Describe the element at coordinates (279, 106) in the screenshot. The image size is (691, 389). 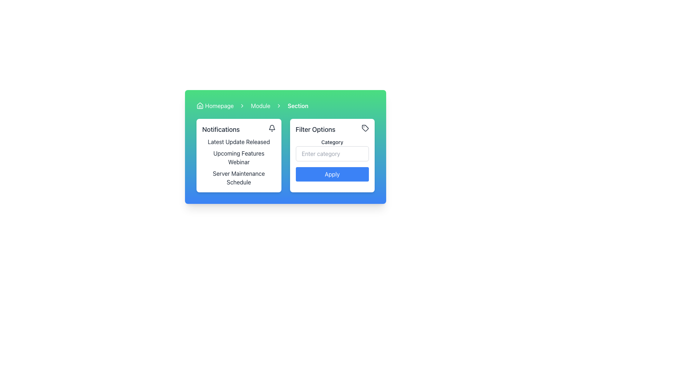
I see `the rightward-pointing chevron icon in the breadcrumbs segment that indicates navigation to the next section` at that location.